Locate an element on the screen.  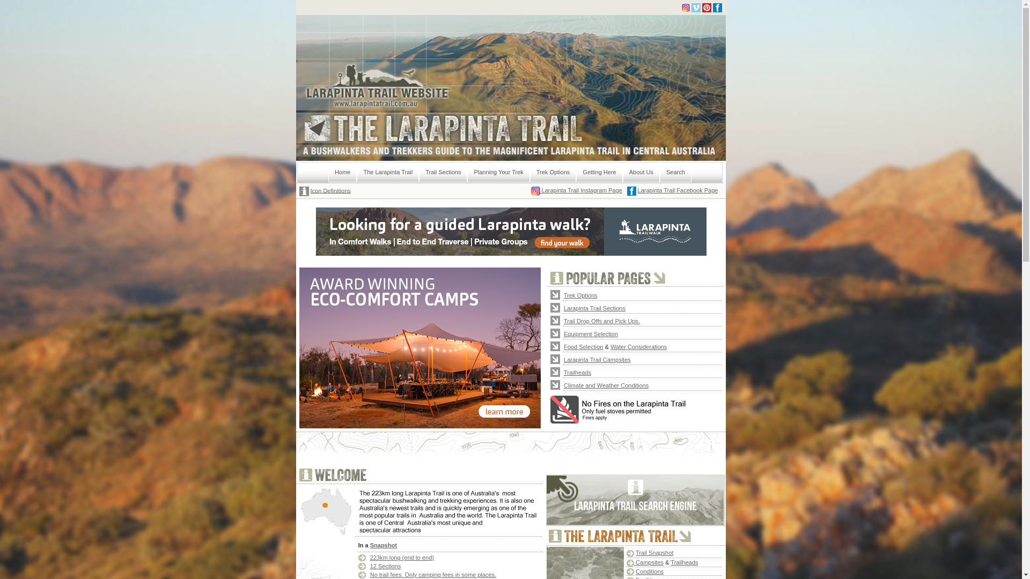
'223km long (end to end)' is located at coordinates (401, 557).